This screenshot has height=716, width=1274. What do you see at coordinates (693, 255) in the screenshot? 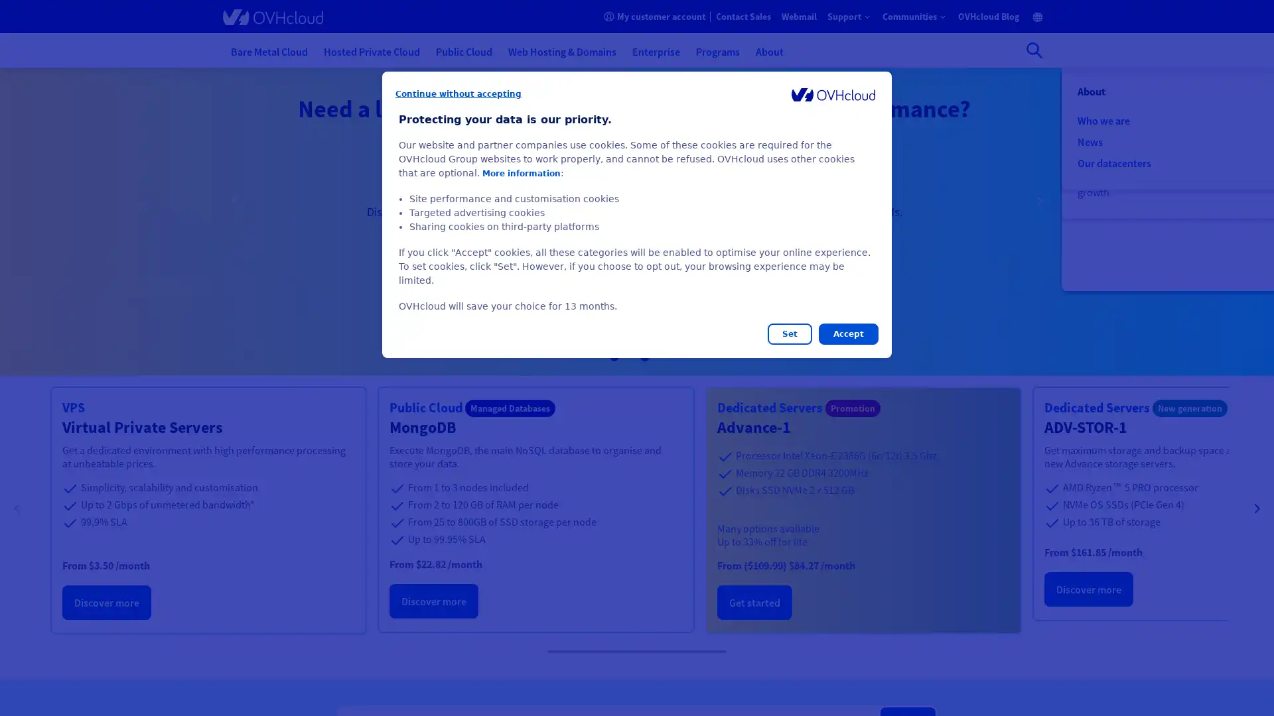
I see `From $3.99 /month` at bounding box center [693, 255].